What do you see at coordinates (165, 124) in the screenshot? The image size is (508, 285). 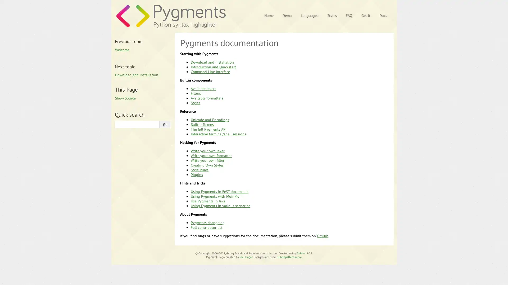 I see `Go` at bounding box center [165, 124].